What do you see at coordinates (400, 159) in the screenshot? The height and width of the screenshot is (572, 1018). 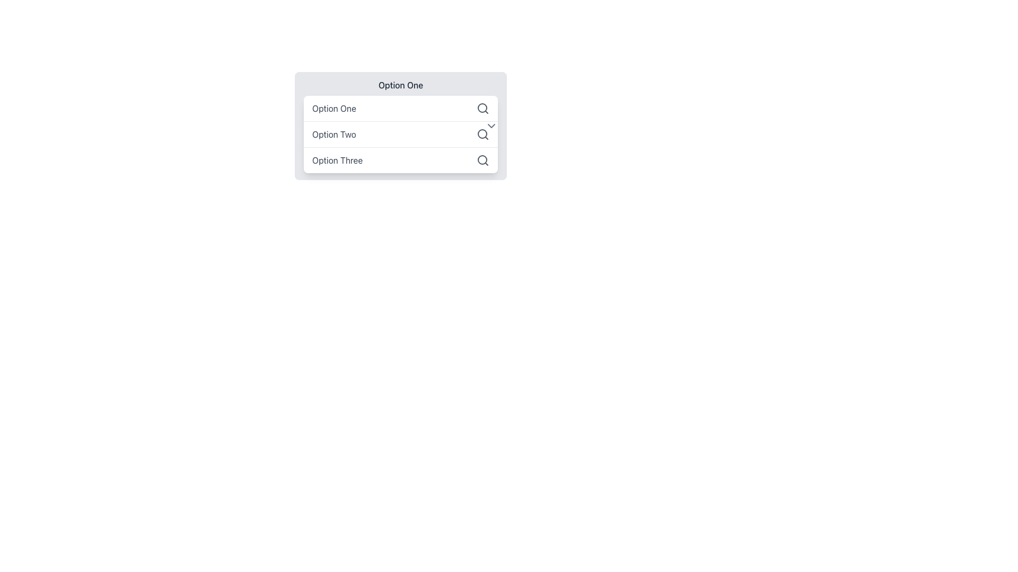 I see `the third list item labeled 'Option Three'` at bounding box center [400, 159].